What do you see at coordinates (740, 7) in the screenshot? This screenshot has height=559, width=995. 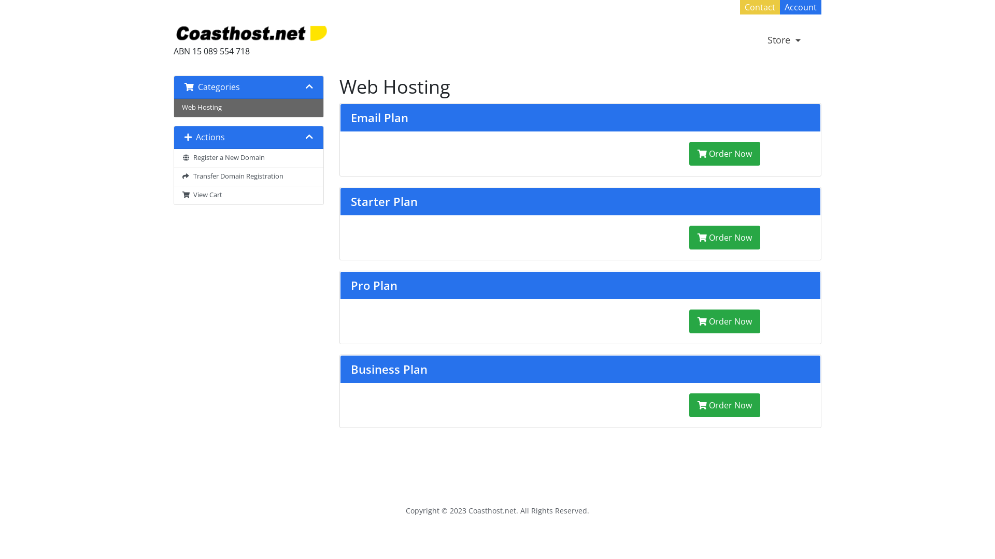 I see `'Contact'` at bounding box center [740, 7].